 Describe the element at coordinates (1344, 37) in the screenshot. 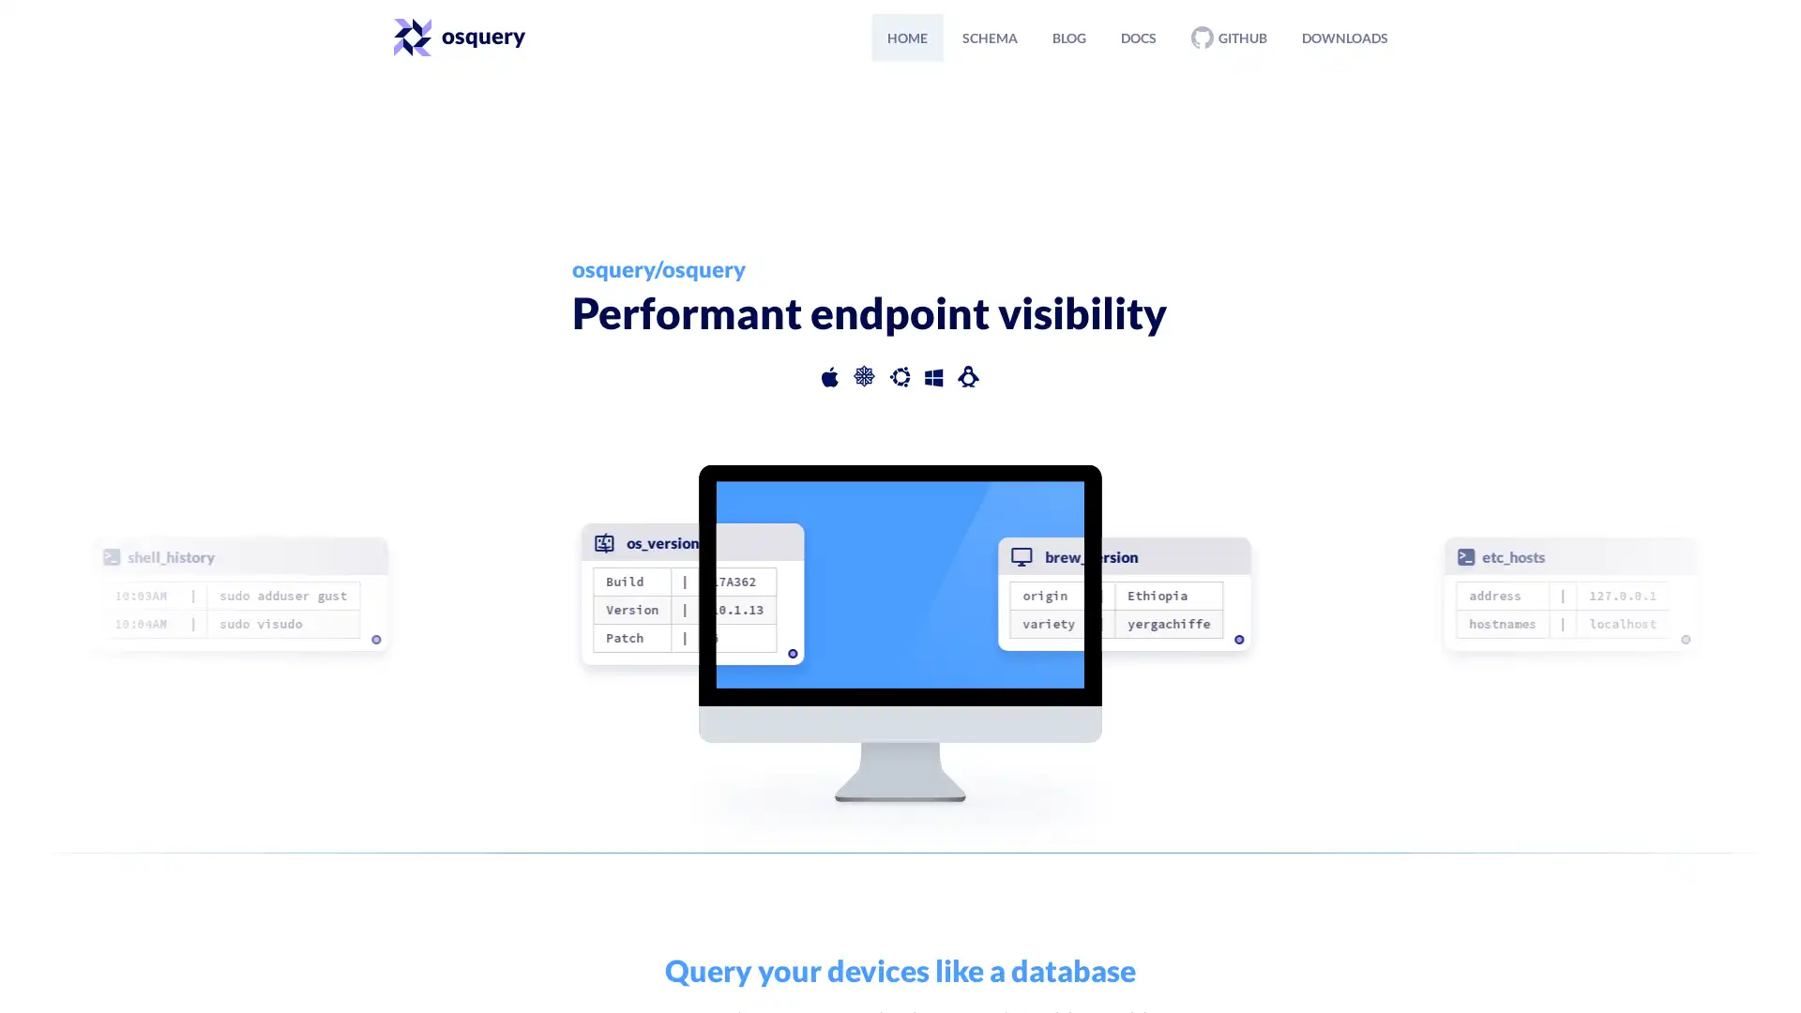

I see `DOWNLOADS` at that location.